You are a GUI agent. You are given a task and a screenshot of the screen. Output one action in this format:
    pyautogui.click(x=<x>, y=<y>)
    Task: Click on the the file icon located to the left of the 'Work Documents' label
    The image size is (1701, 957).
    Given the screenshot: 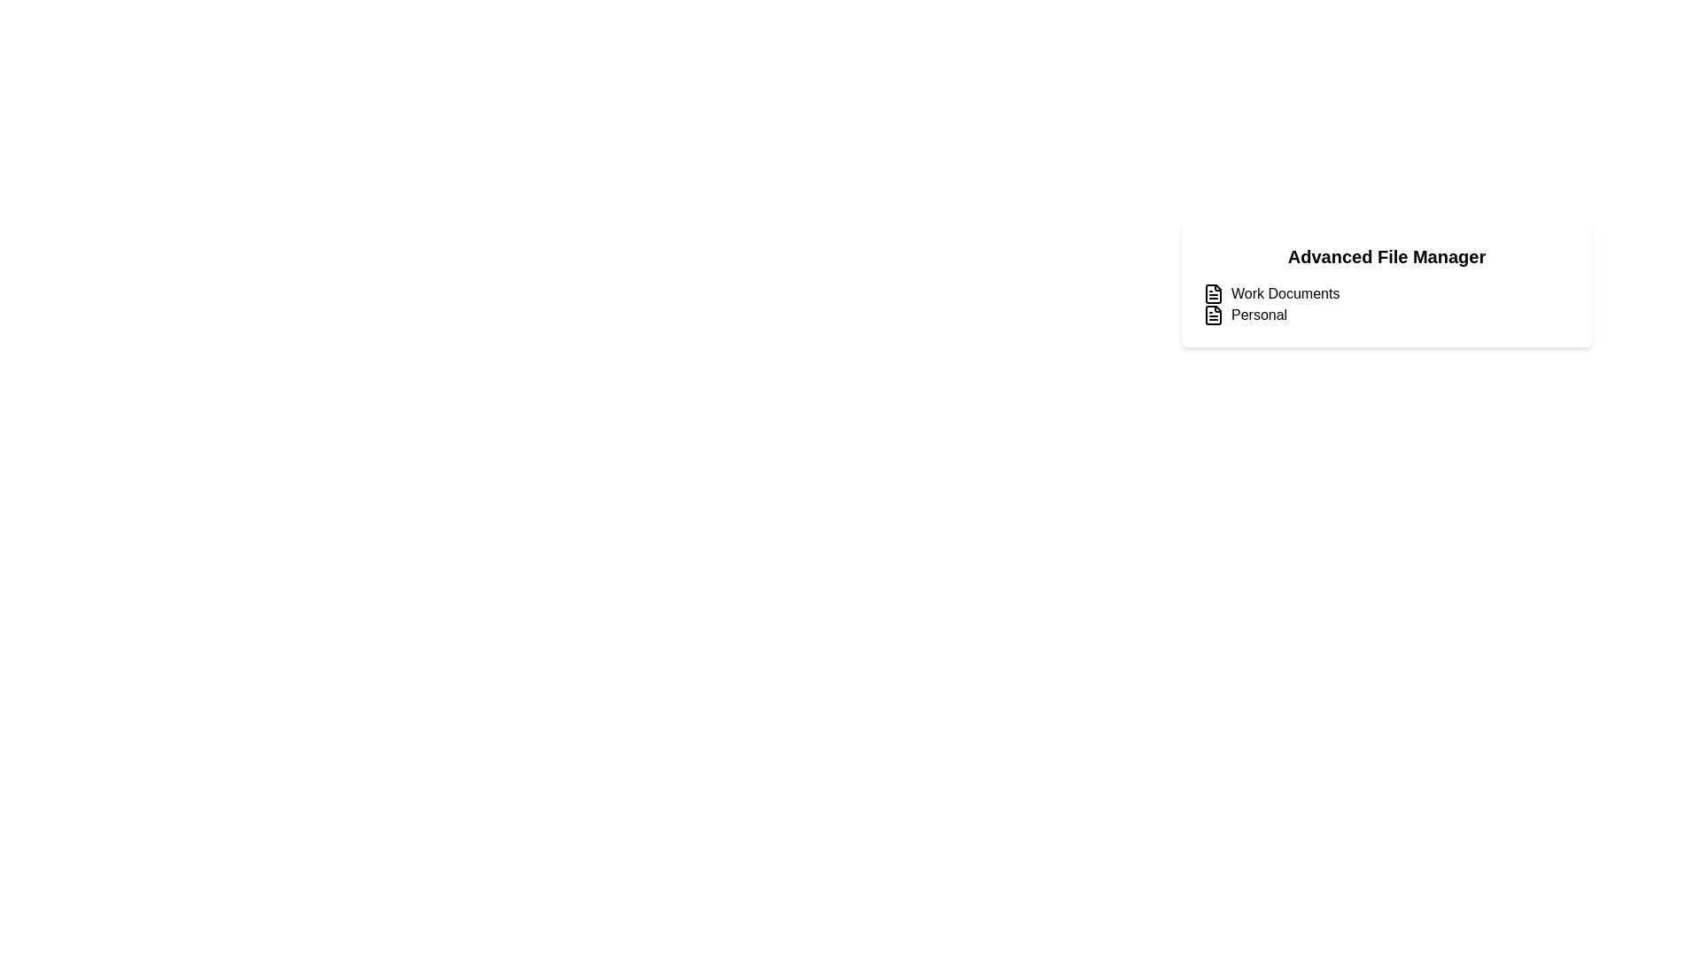 What is the action you would take?
    pyautogui.click(x=1212, y=292)
    